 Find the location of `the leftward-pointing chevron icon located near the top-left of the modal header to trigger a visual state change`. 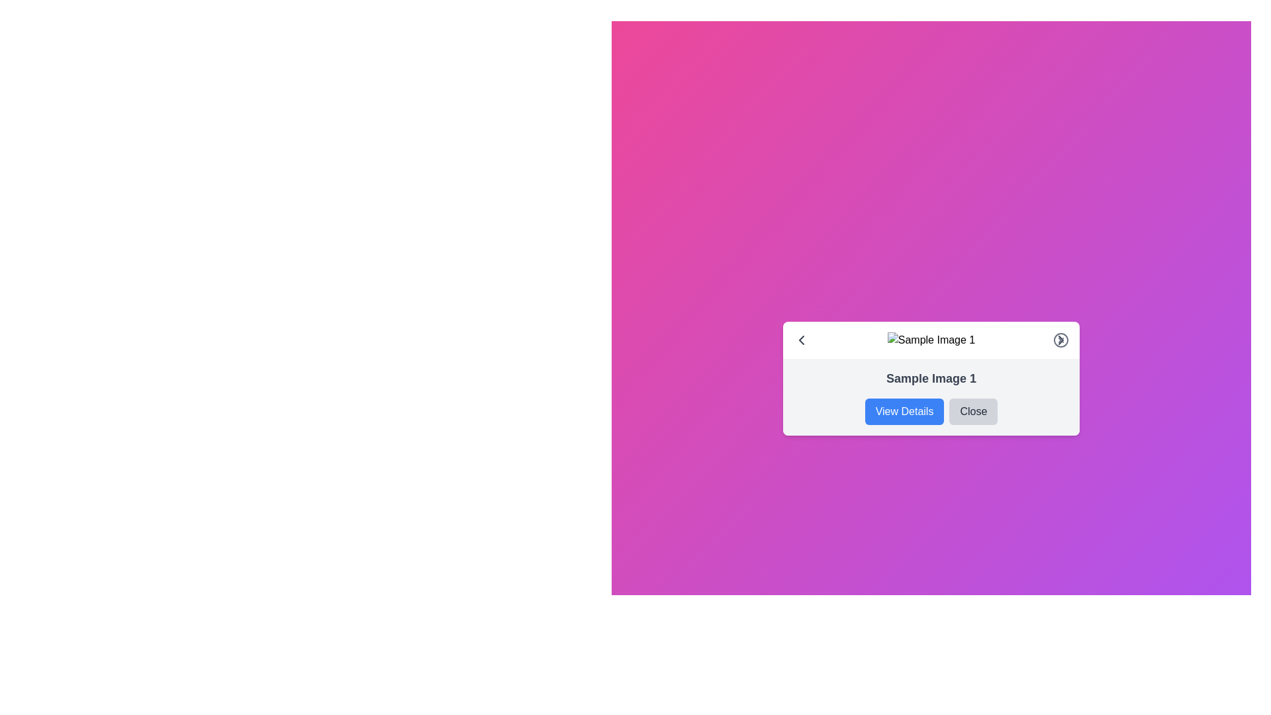

the leftward-pointing chevron icon located near the top-left of the modal header to trigger a visual state change is located at coordinates (800, 339).